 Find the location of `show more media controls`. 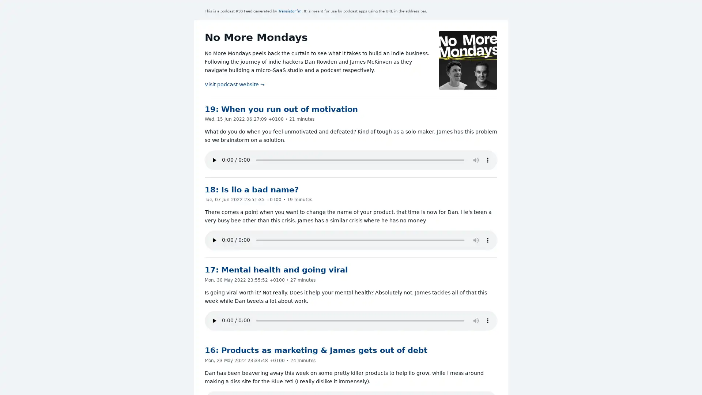

show more media controls is located at coordinates (488, 240).